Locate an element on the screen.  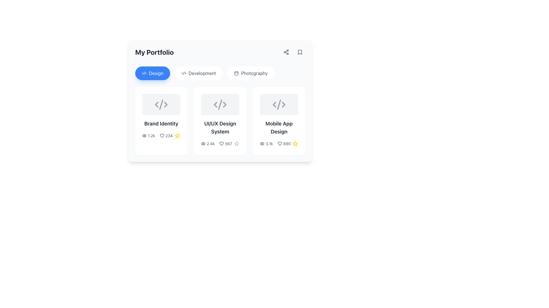
text label '1.2k' associated with the eye icon in the first grouping of the 'Brand Identity' panel is located at coordinates (148, 136).